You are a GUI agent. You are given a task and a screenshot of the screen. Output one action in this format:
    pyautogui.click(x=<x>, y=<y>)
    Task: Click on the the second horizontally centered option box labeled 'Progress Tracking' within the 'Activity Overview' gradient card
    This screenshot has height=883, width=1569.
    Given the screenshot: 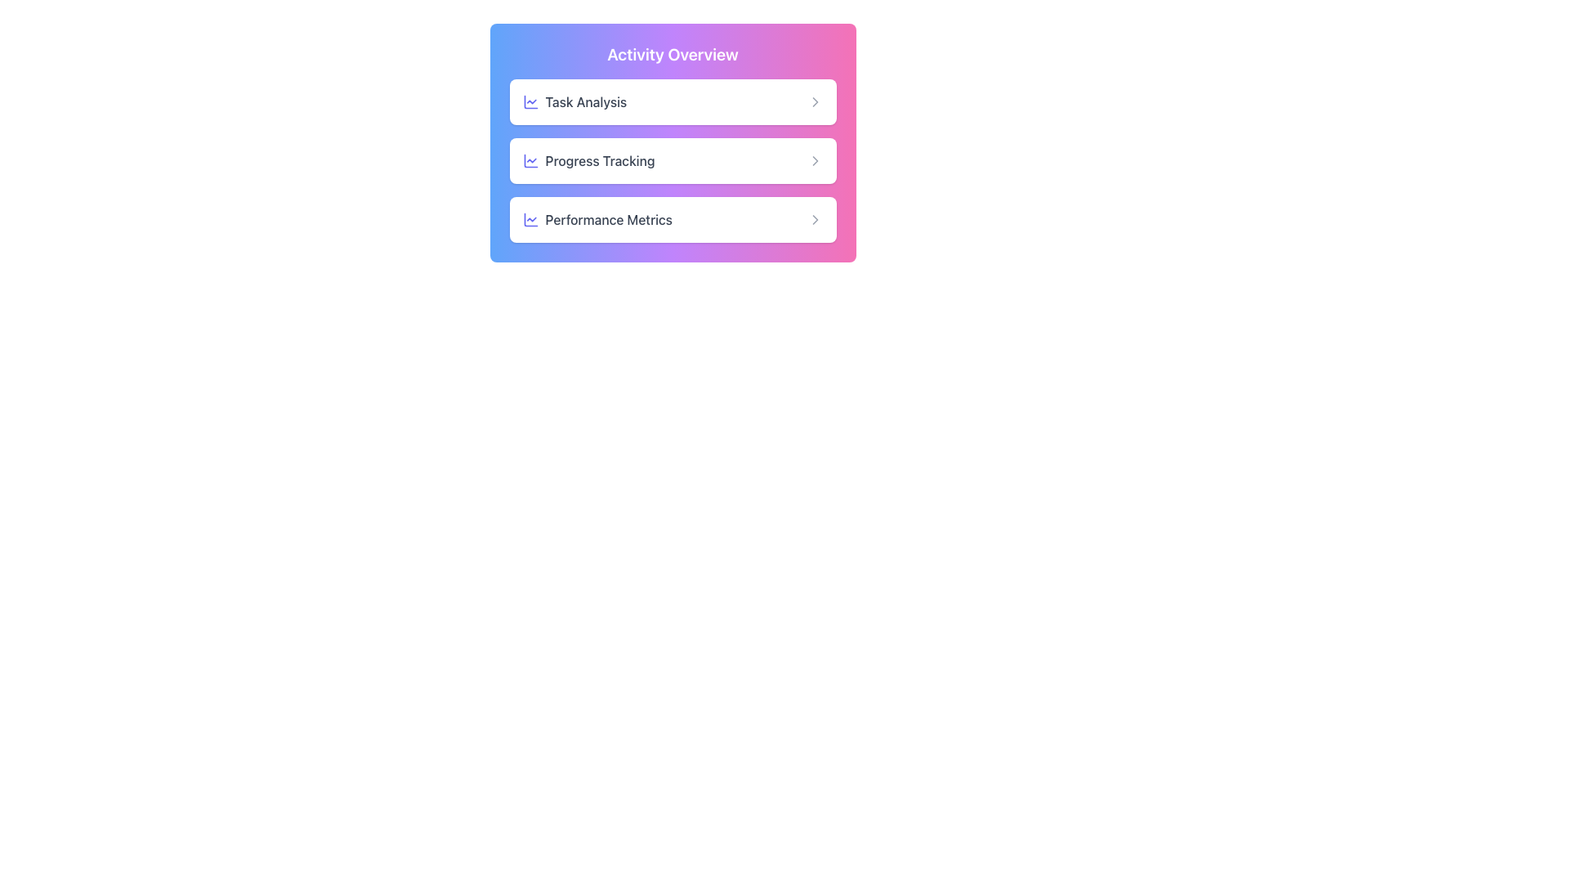 What is the action you would take?
    pyautogui.click(x=673, y=141)
    